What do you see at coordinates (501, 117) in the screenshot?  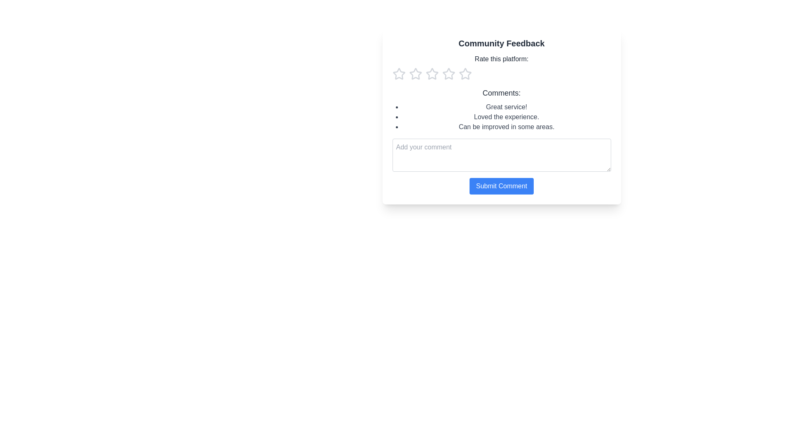 I see `the multiline list of feedback comments located below the 'Comments:' heading and above the text area input field` at bounding box center [501, 117].